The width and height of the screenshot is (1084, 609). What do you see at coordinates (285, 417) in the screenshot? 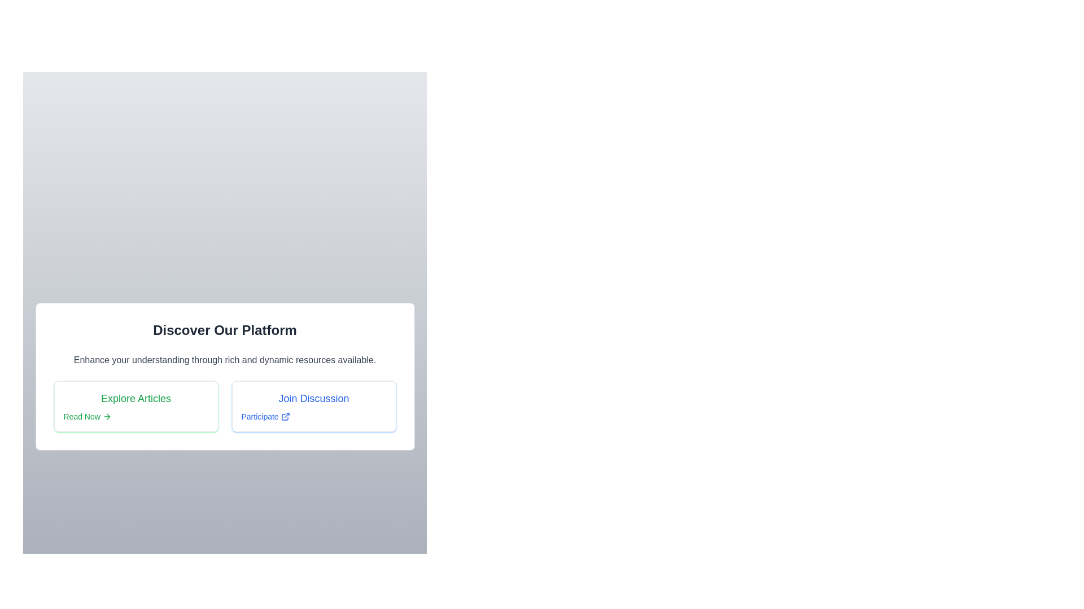
I see `the external link icon located to the right of the 'Participate' text in the 'Join Discussion' section` at bounding box center [285, 417].